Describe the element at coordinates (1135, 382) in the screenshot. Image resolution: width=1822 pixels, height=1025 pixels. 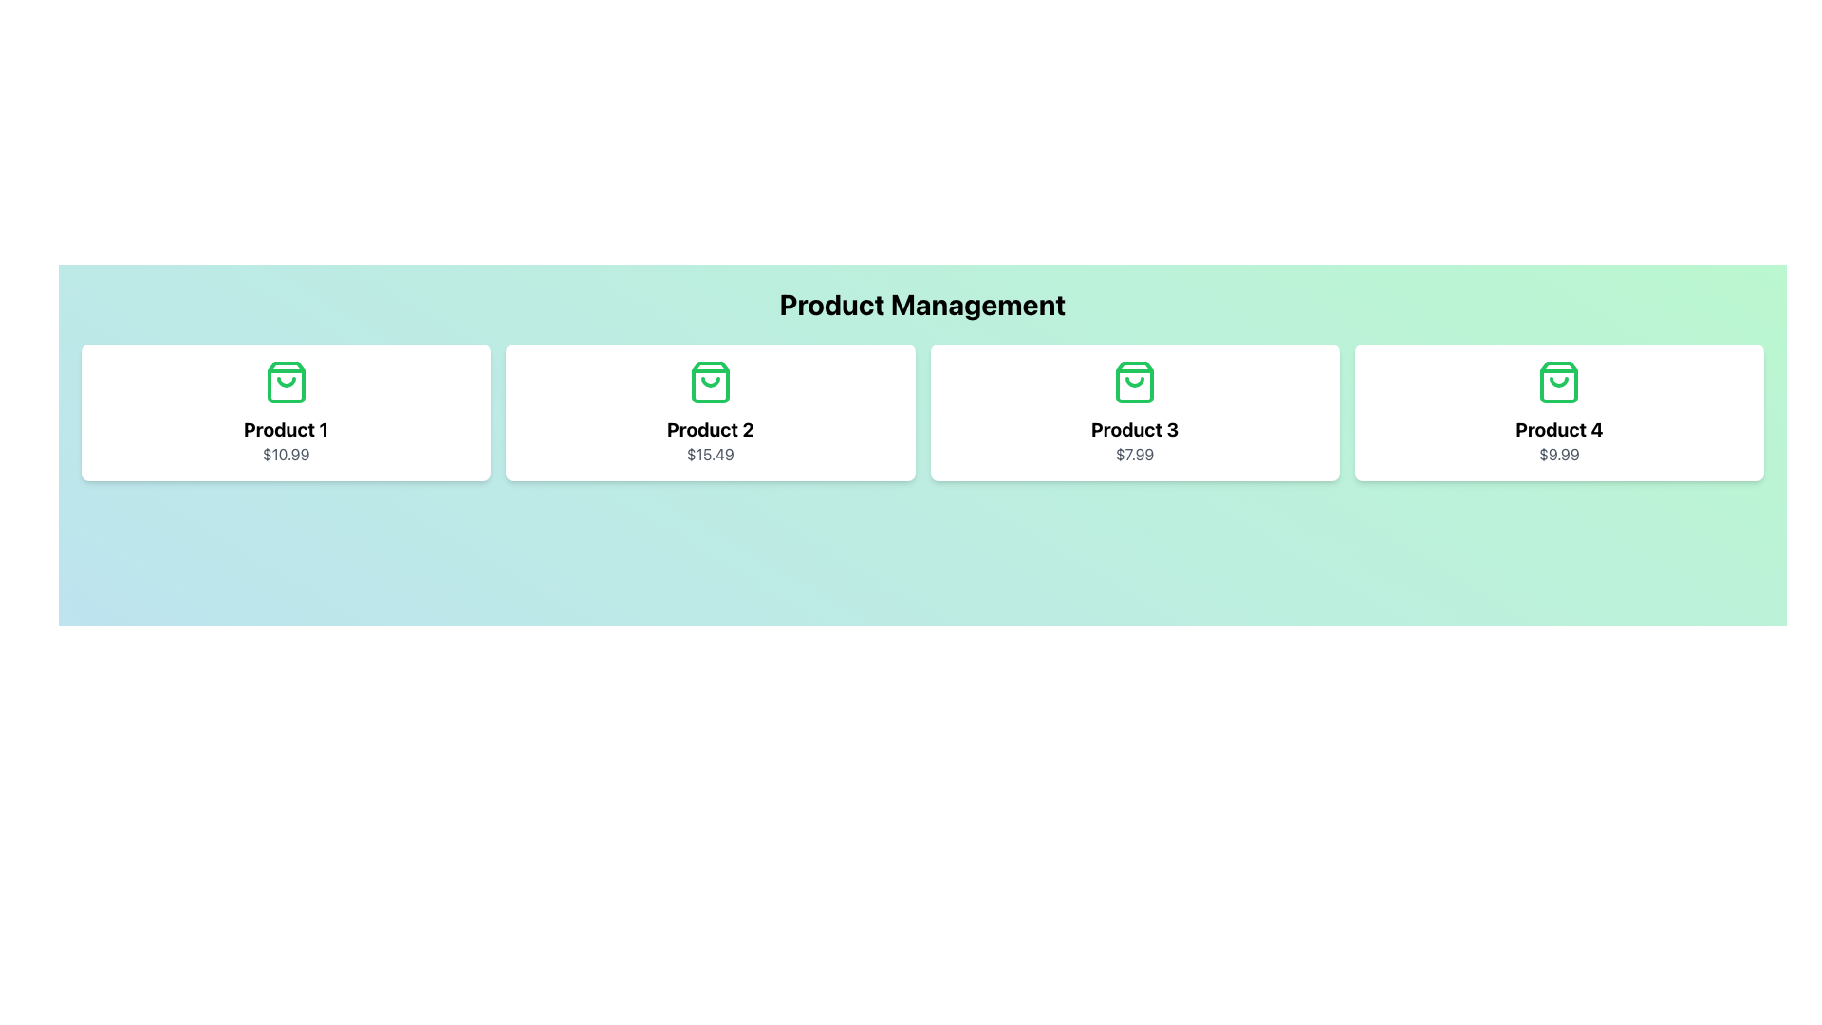
I see `the green SVG graphic portion resembling the top segment of a shopping bag with rounded corners, located in the third card under the 'Product Management' header` at that location.